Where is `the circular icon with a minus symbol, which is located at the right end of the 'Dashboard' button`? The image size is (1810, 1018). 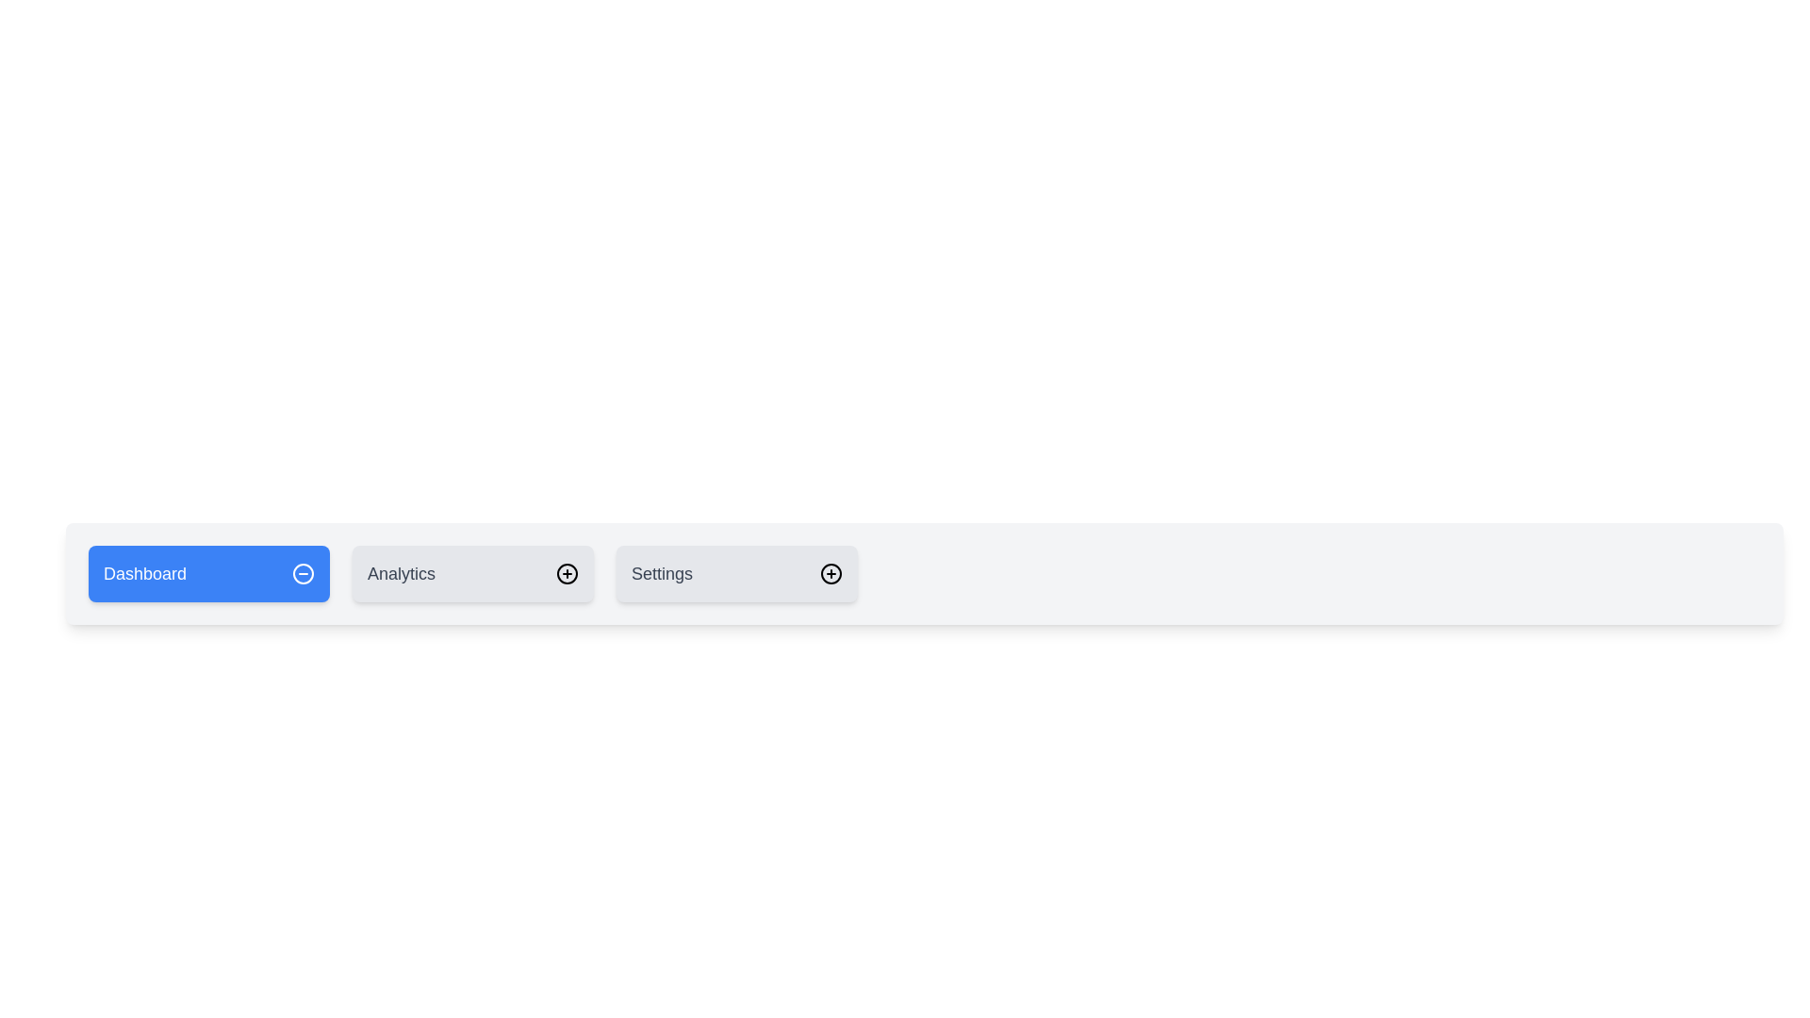 the circular icon with a minus symbol, which is located at the right end of the 'Dashboard' button is located at coordinates (303, 573).